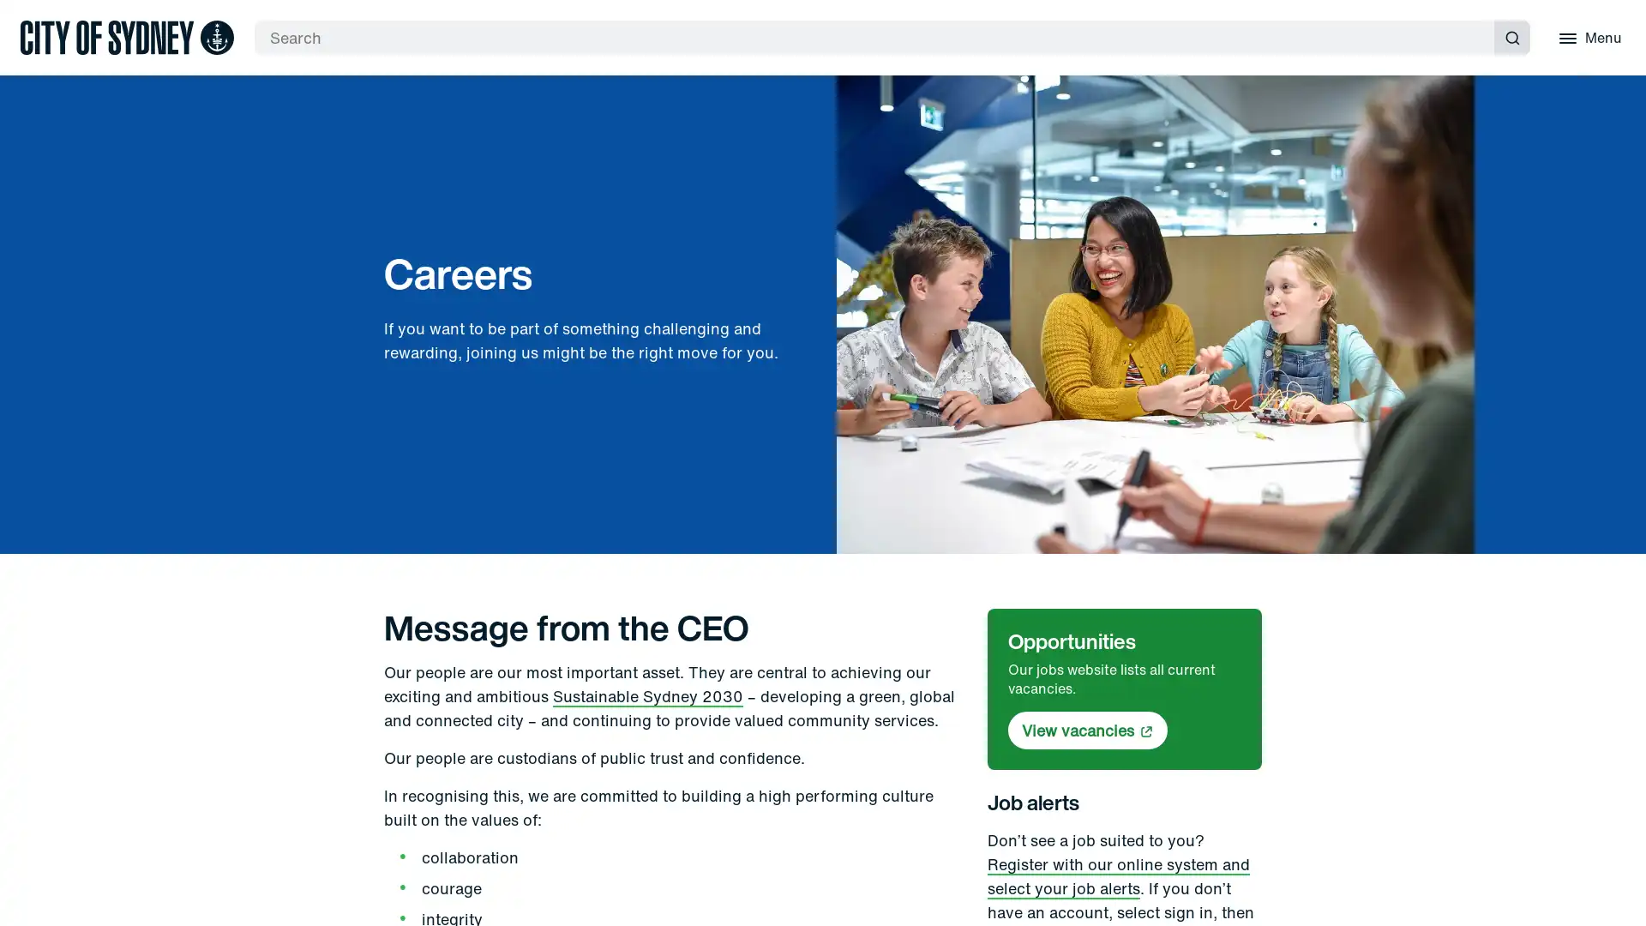 This screenshot has width=1646, height=926. I want to click on Submit search, so click(1511, 37).